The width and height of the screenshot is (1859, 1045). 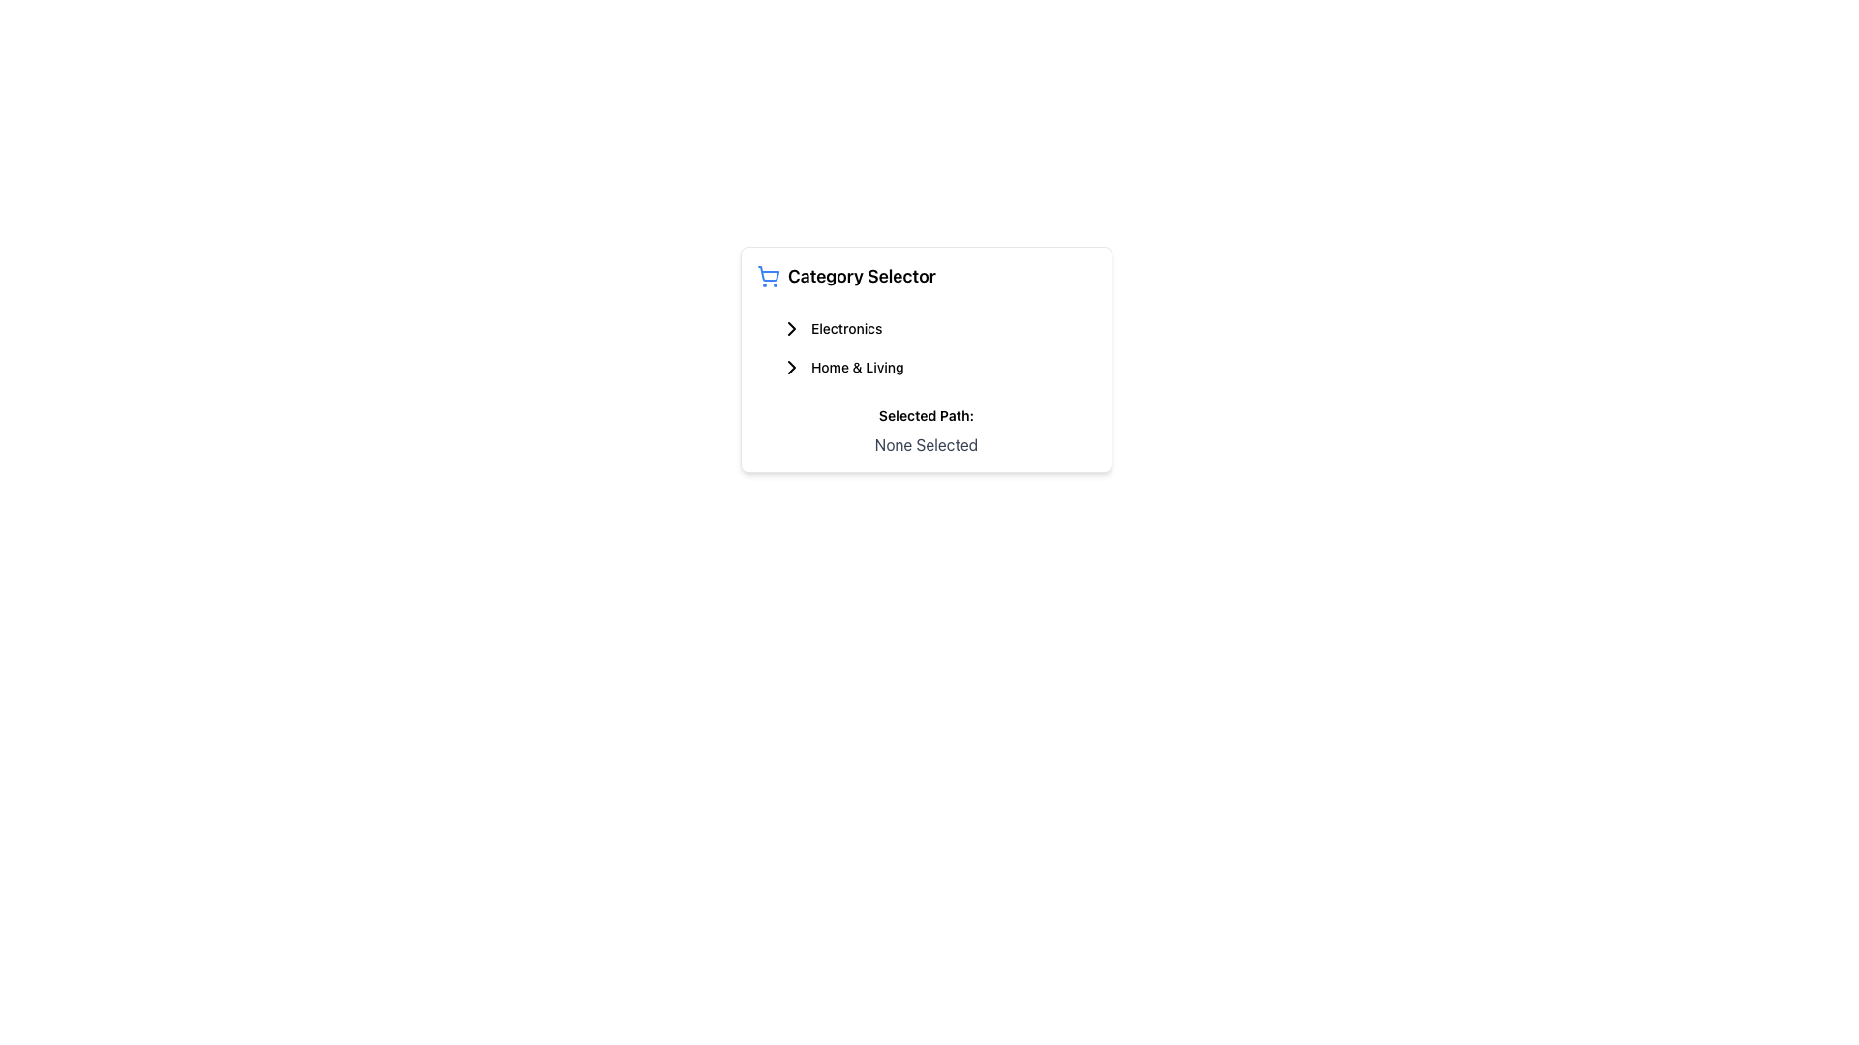 I want to click on the 'Electronics' label, which is the first item in the dropdown list beneath the 'Category Selector' title, so click(x=846, y=327).